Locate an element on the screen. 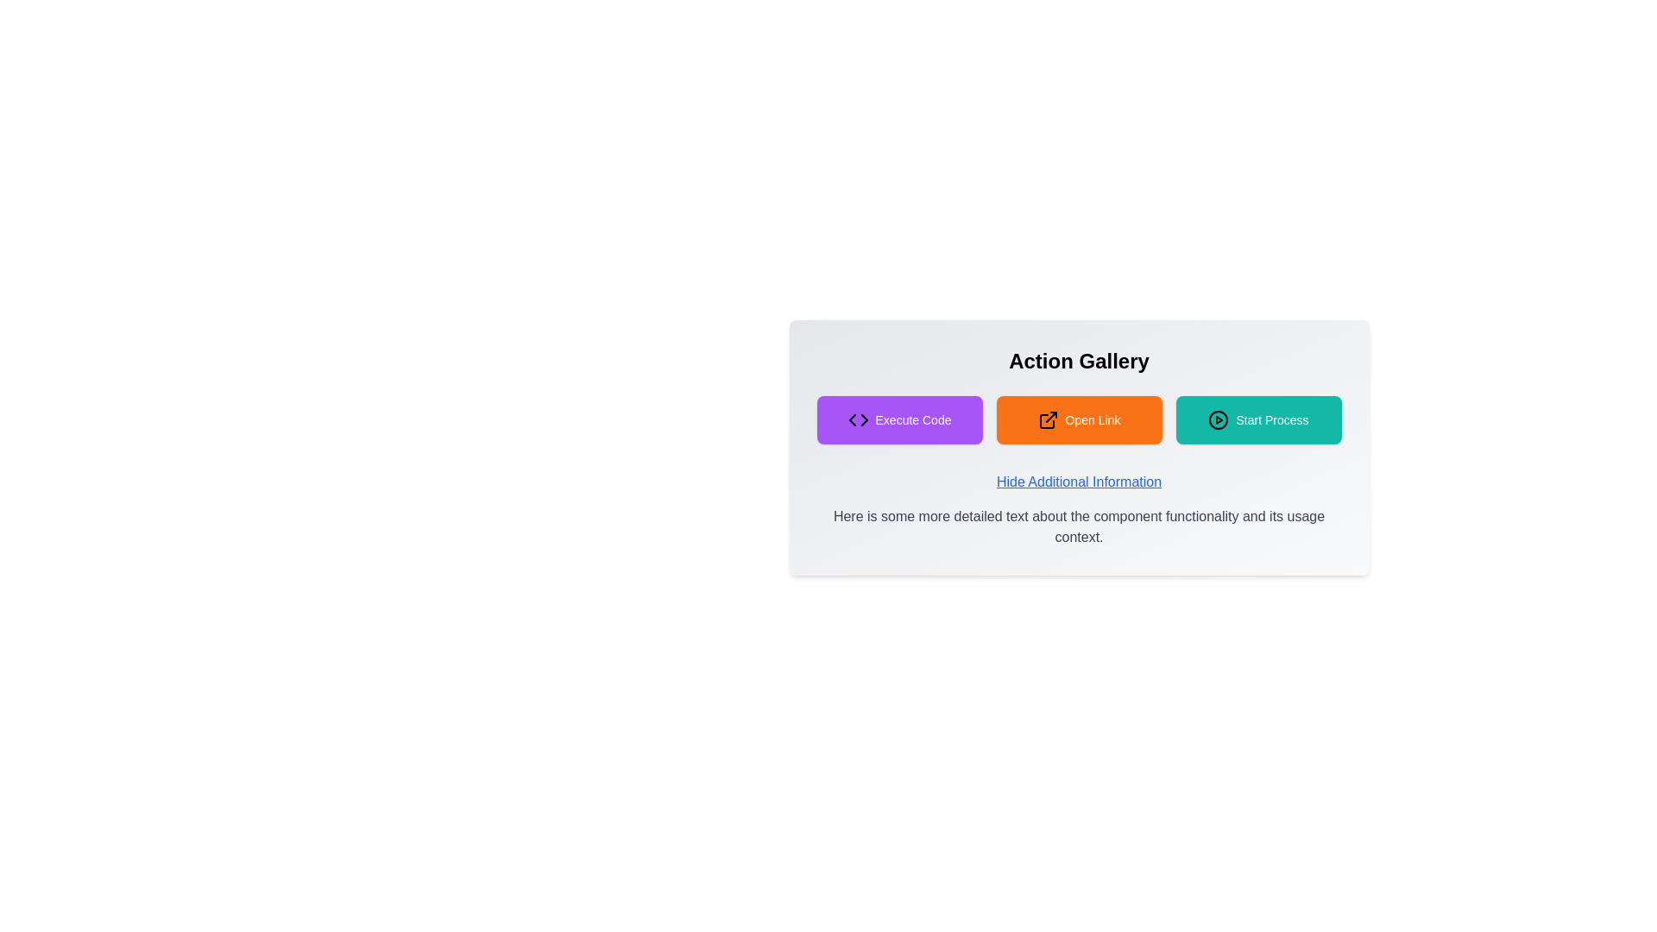 The width and height of the screenshot is (1657, 932). the icon that visually indicates an action associated with opening an external link, located to the left of the text 'Open Link' within the button is located at coordinates (1047, 419).